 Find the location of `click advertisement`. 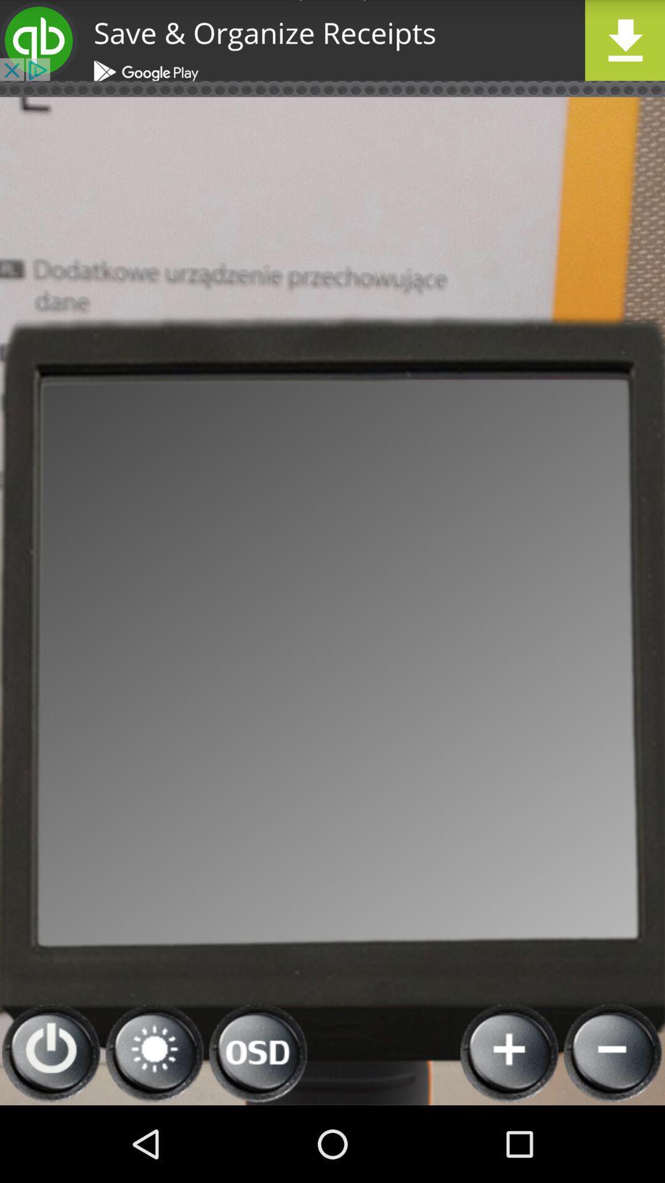

click advertisement is located at coordinates (332, 40).